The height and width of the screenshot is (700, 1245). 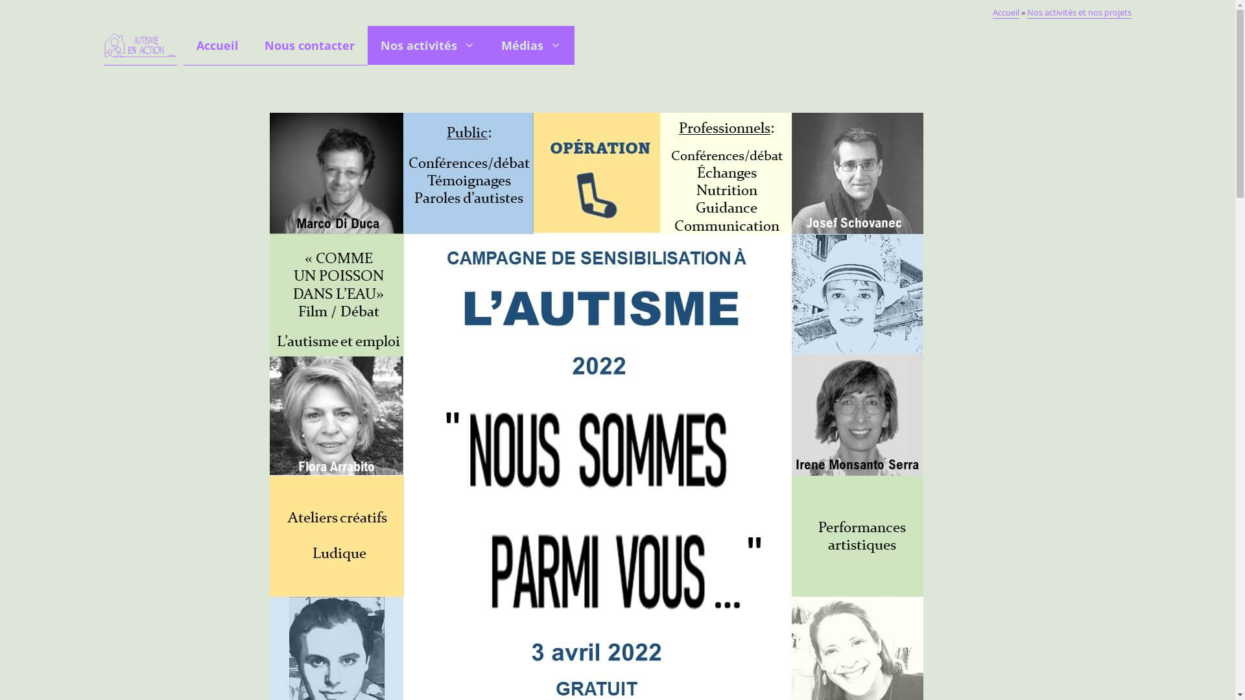 What do you see at coordinates (217, 45) in the screenshot?
I see `'Accueil'` at bounding box center [217, 45].